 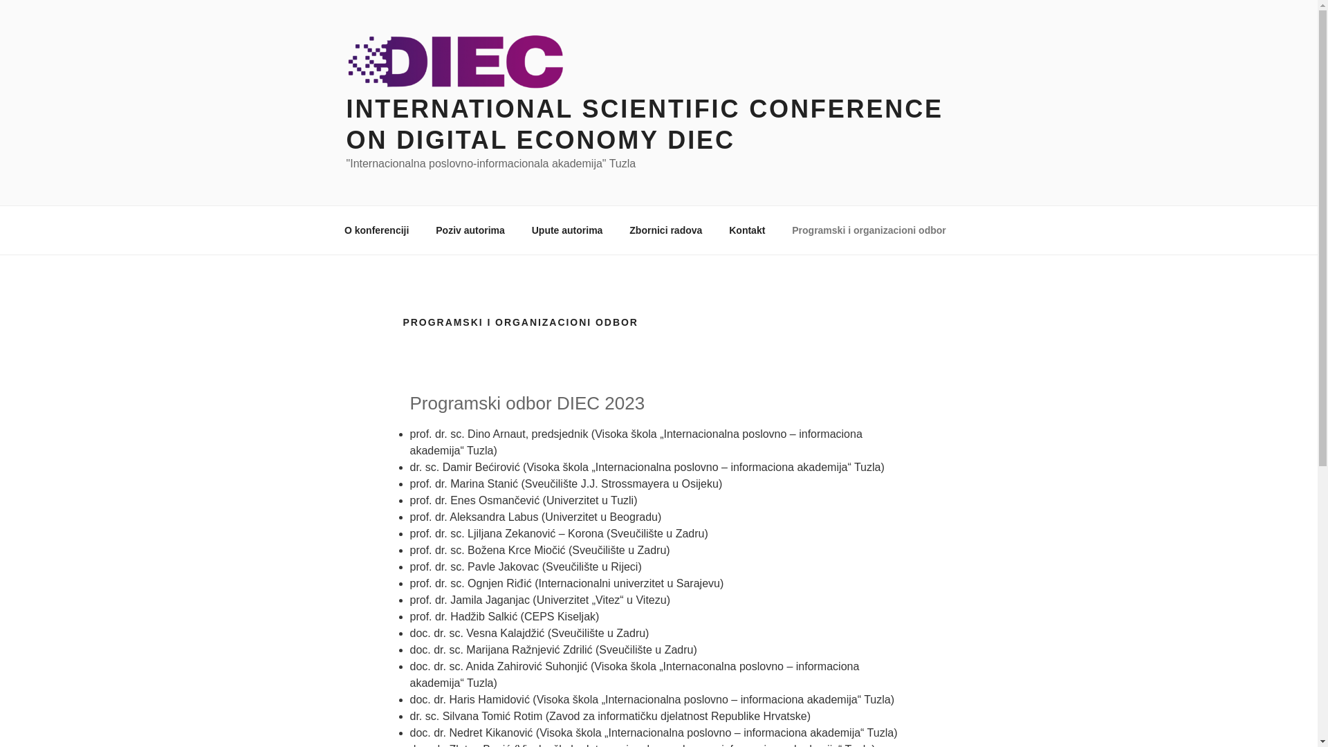 I want to click on 'Programski i organizacioni odbor', so click(x=868, y=229).